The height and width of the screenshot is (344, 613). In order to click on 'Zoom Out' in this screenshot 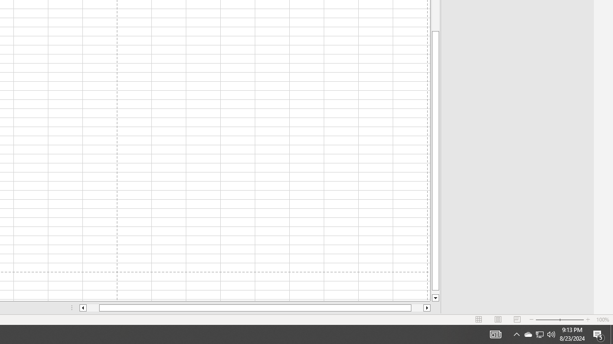, I will do `click(547, 320)`.